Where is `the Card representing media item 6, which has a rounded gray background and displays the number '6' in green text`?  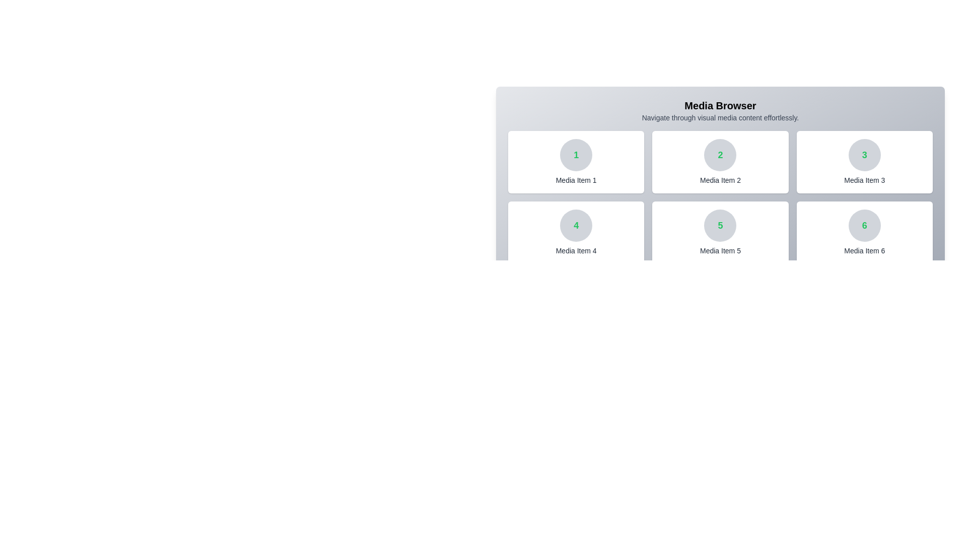 the Card representing media item 6, which has a rounded gray background and displays the number '6' in green text is located at coordinates (864, 233).